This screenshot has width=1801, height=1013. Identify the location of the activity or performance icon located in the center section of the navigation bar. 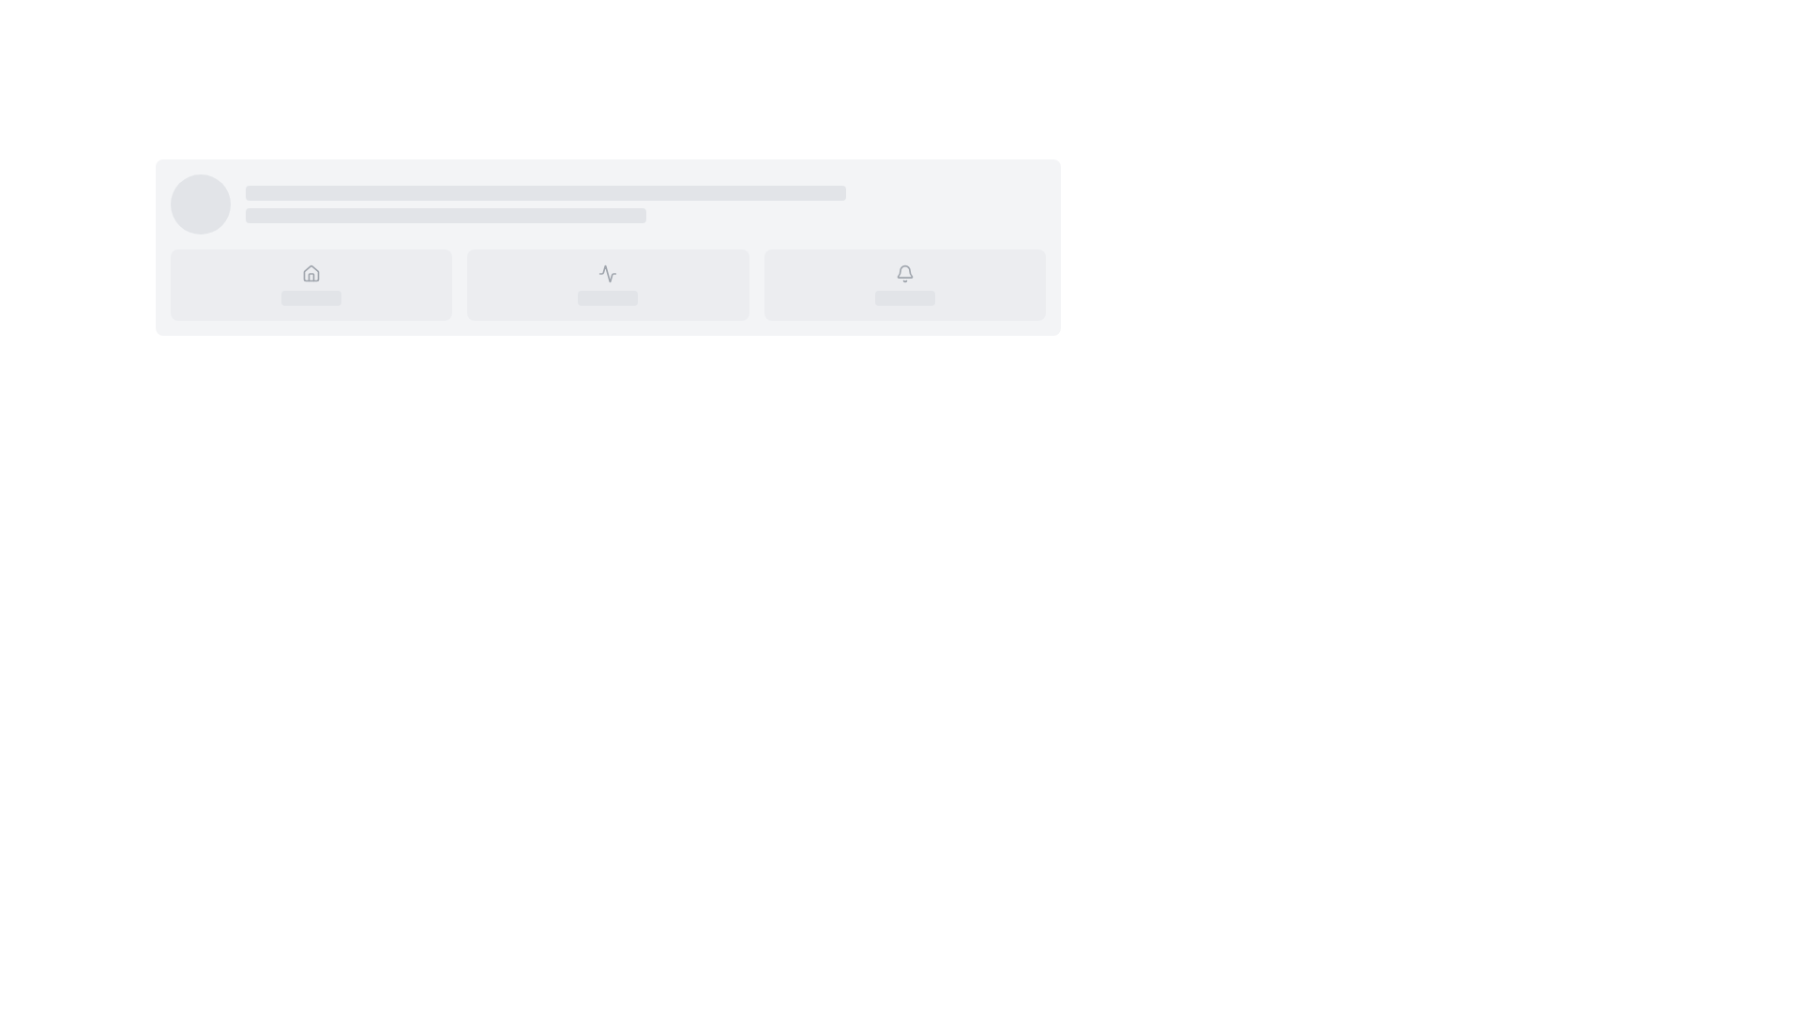
(608, 274).